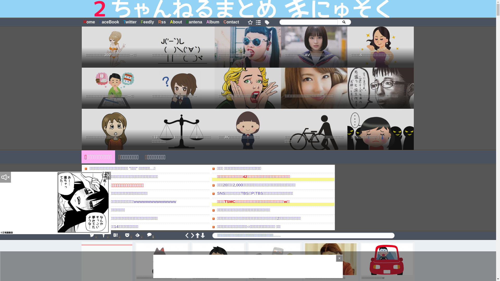 The height and width of the screenshot is (281, 500). Describe the element at coordinates (116, 235) in the screenshot. I see `'-'` at that location.